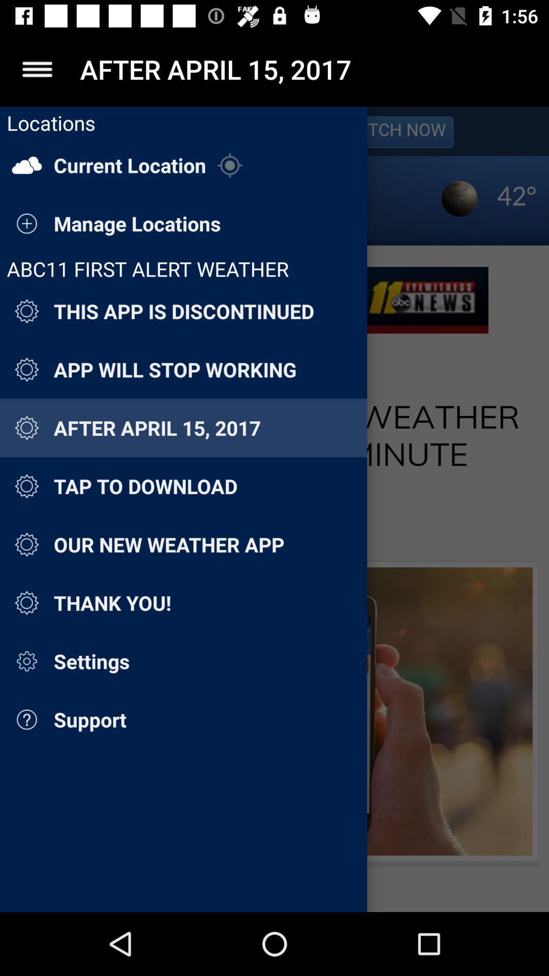 This screenshot has width=549, height=976. What do you see at coordinates (274, 509) in the screenshot?
I see `locations menu` at bounding box center [274, 509].